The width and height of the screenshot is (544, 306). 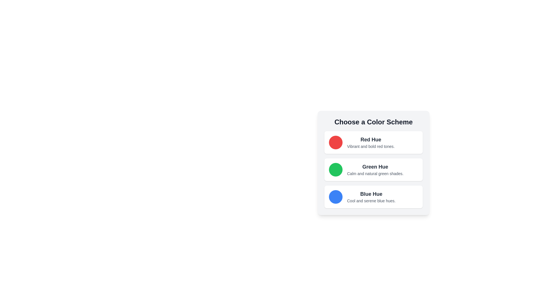 I want to click on the green circular swatch labeled 'Green Hue', so click(x=373, y=179).